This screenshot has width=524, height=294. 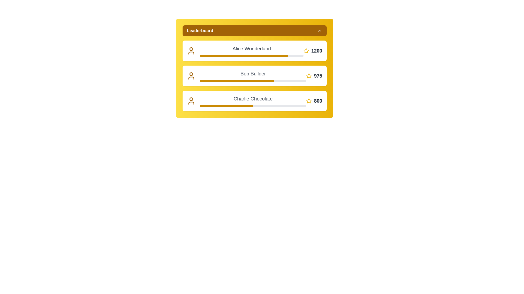 I want to click on the score label displaying the user's score in the leaderboard, which is located to the right of the star icon in the first leaderboard item, so click(x=317, y=51).